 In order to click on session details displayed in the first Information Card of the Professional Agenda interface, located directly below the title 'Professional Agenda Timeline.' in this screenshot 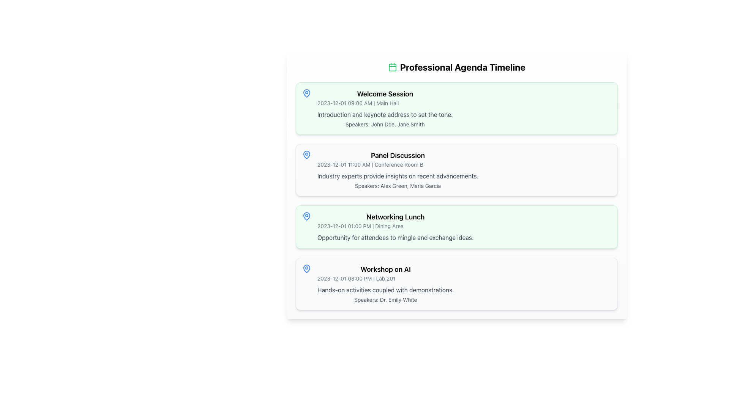, I will do `click(456, 108)`.